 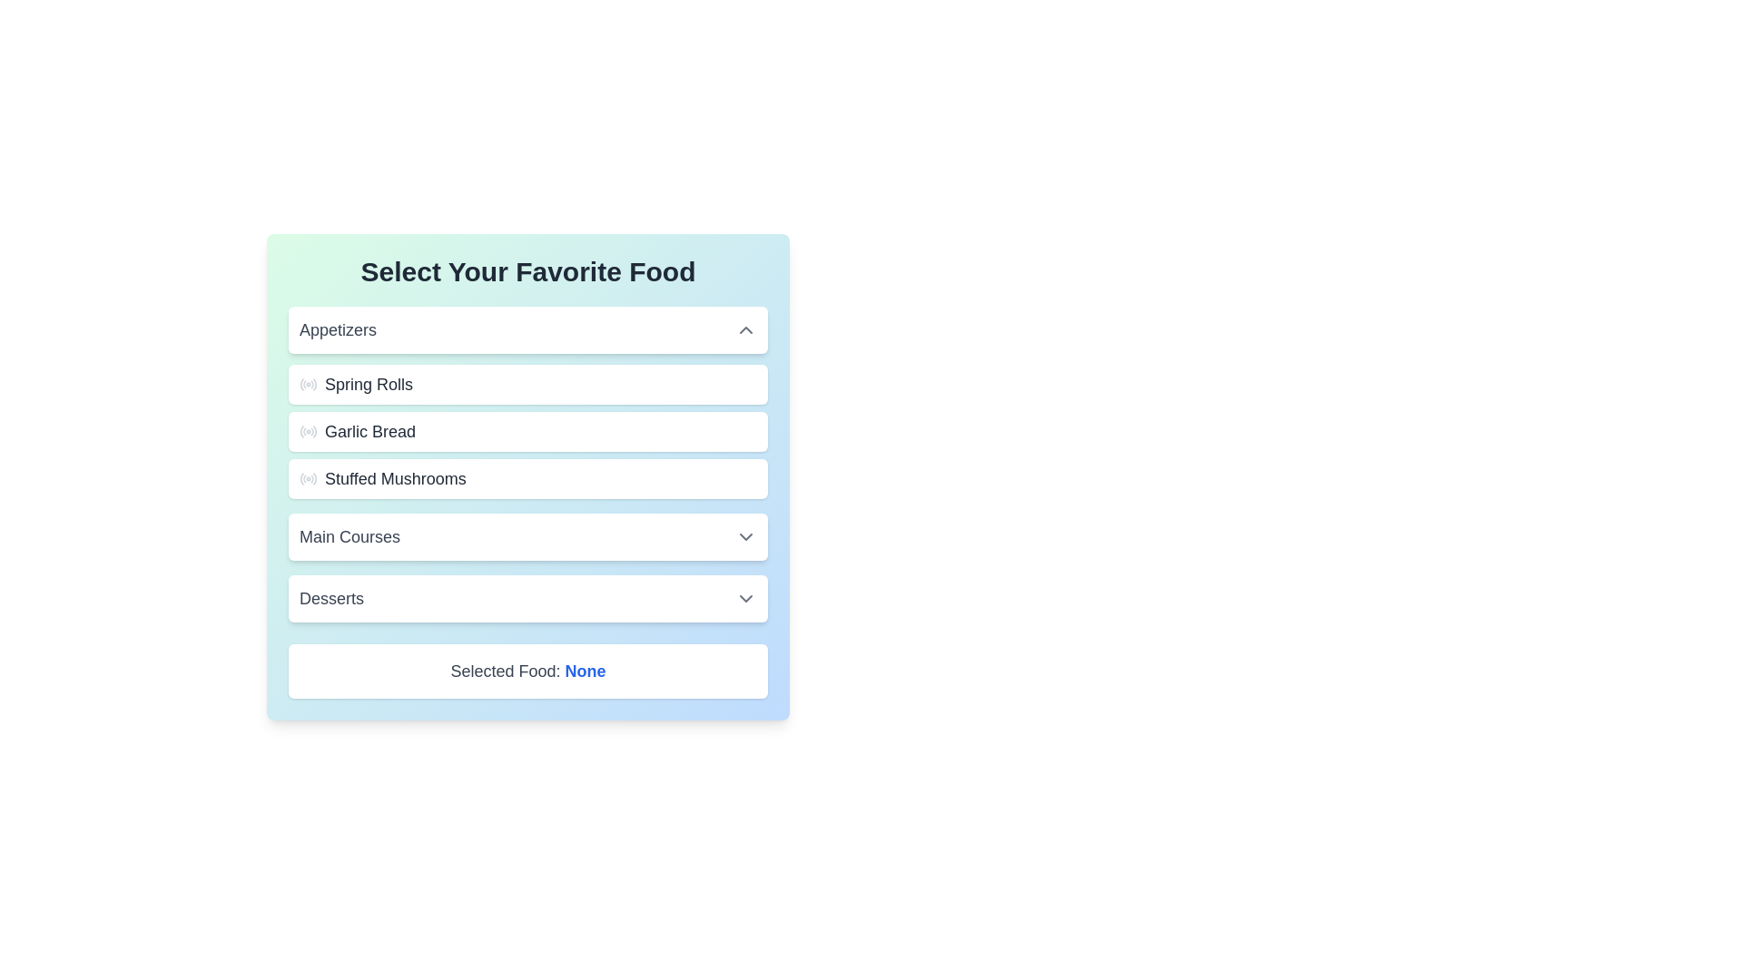 What do you see at coordinates (331, 598) in the screenshot?
I see `the left-aligned text label within the white rectangular box in the food selection UI, located towards the bottom of the vertical menu` at bounding box center [331, 598].